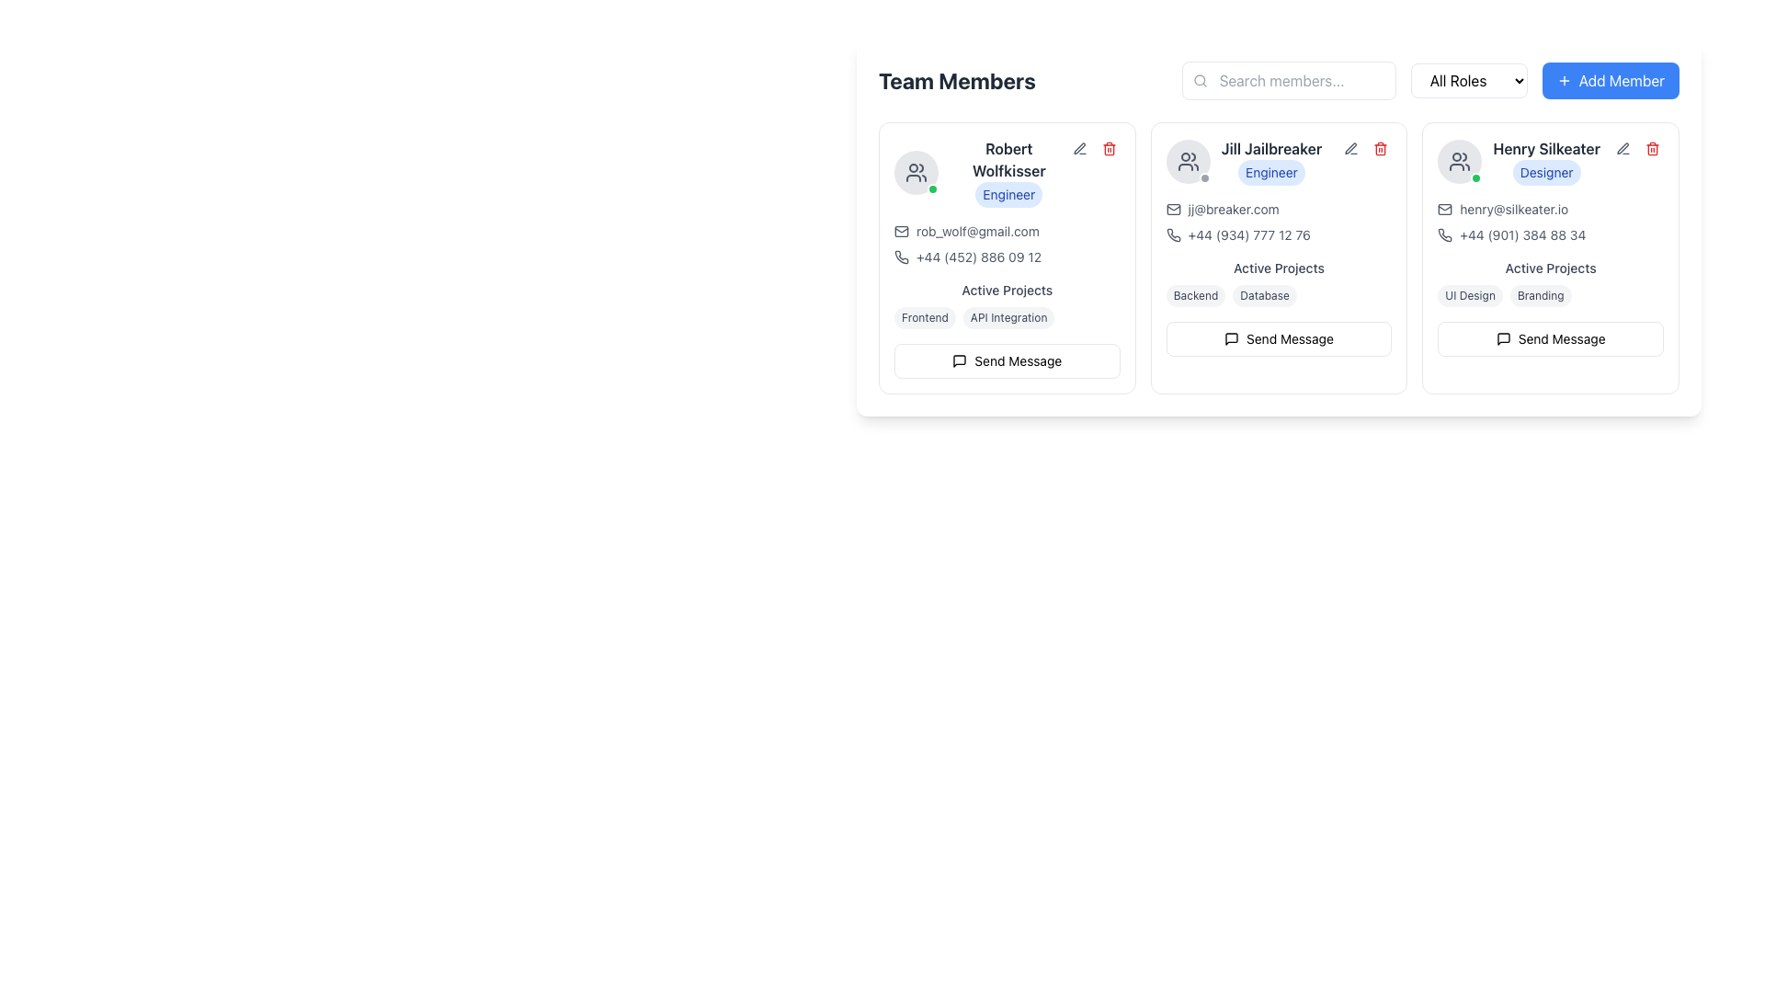 This screenshot has width=1765, height=993. I want to click on the Dropdown menu containing options like 'All Roles', 'Engineers', and 'Designers', so click(1429, 80).